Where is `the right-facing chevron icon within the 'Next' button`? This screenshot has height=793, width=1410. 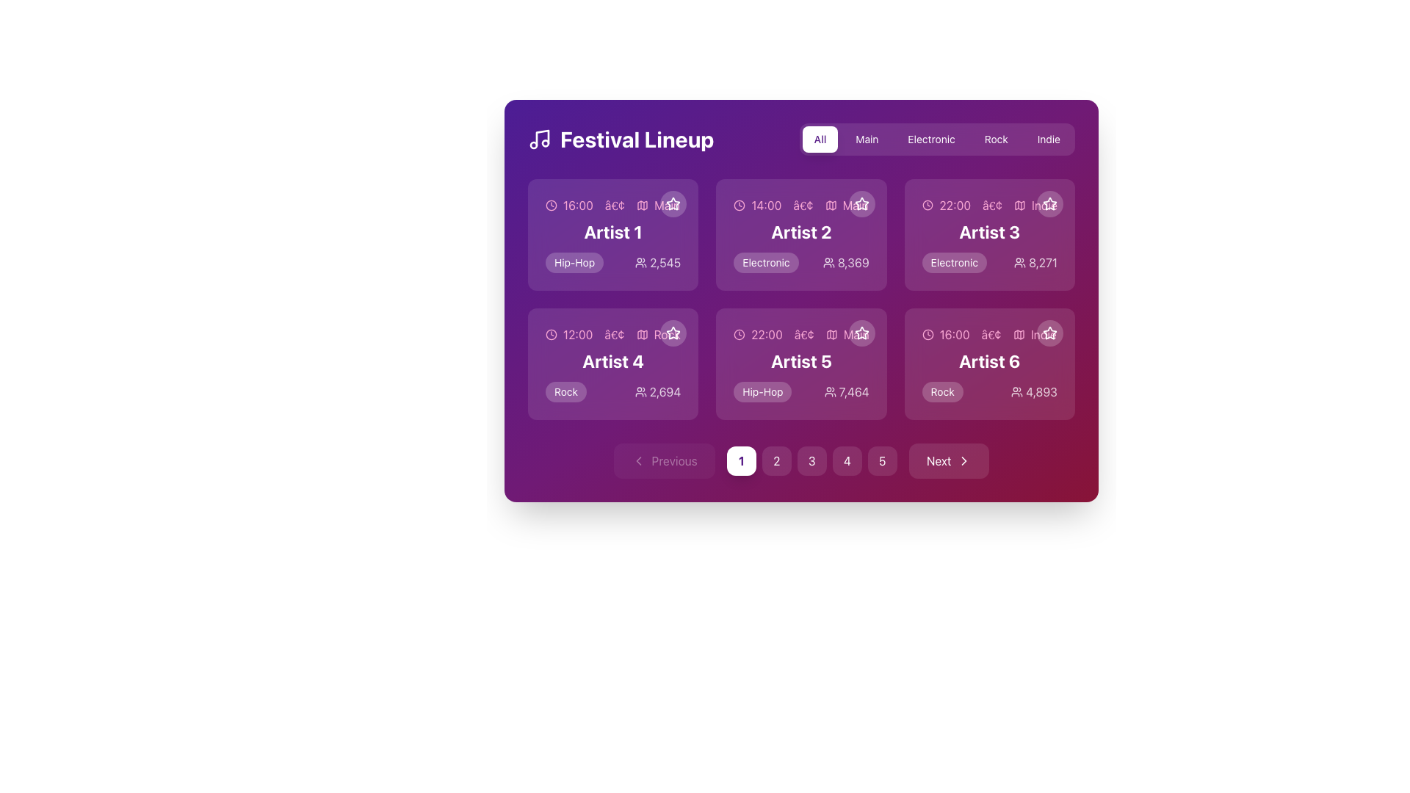
the right-facing chevron icon within the 'Next' button is located at coordinates (964, 460).